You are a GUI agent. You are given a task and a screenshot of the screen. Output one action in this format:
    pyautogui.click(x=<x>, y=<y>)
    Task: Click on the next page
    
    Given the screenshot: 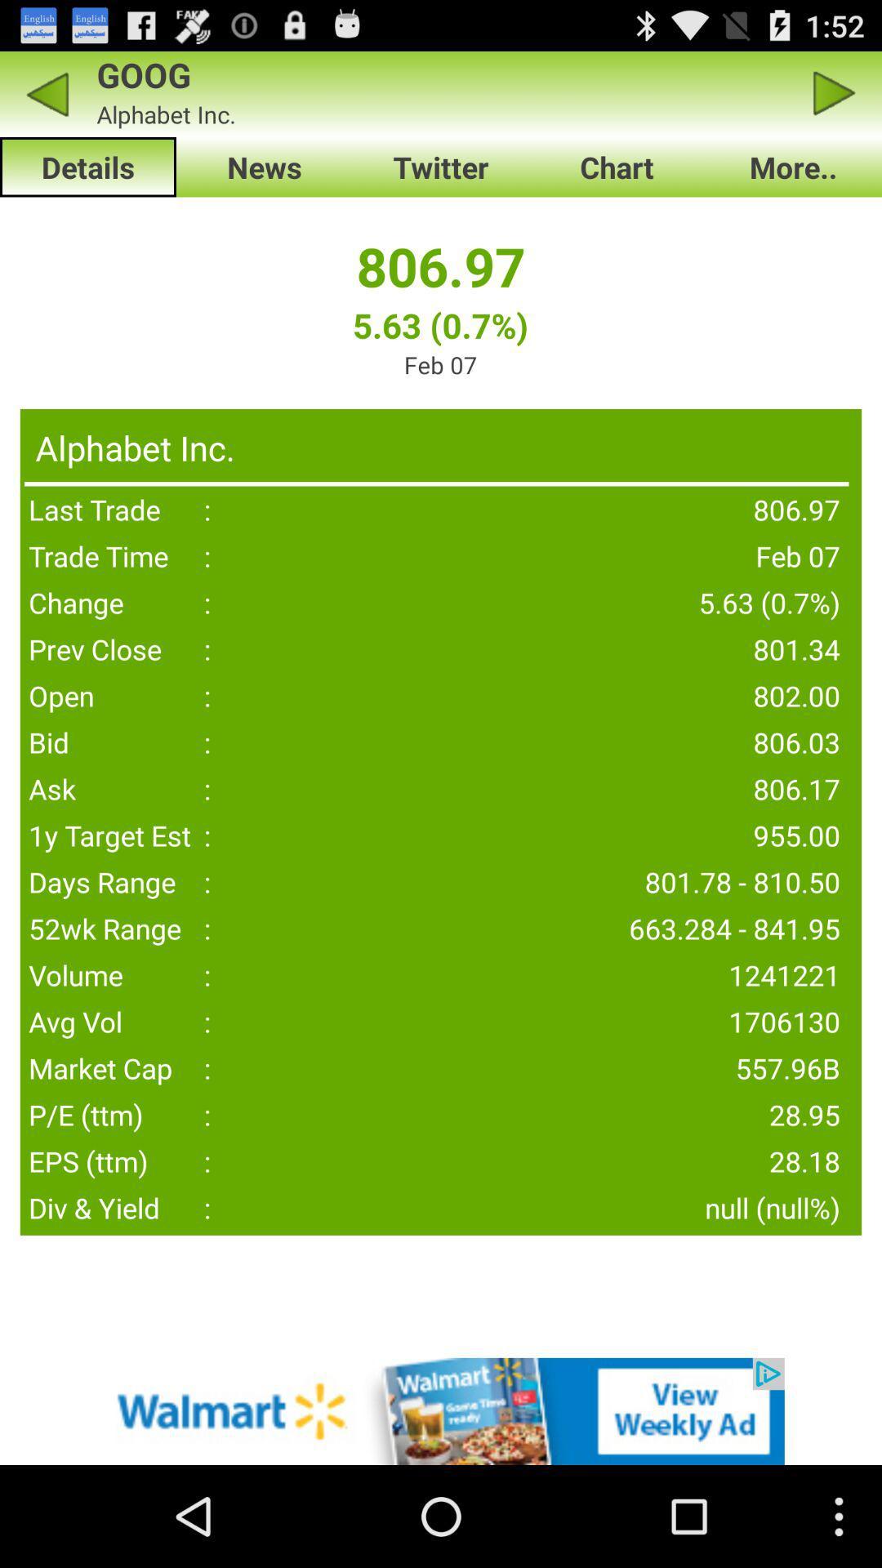 What is the action you would take?
    pyautogui.click(x=835, y=93)
    